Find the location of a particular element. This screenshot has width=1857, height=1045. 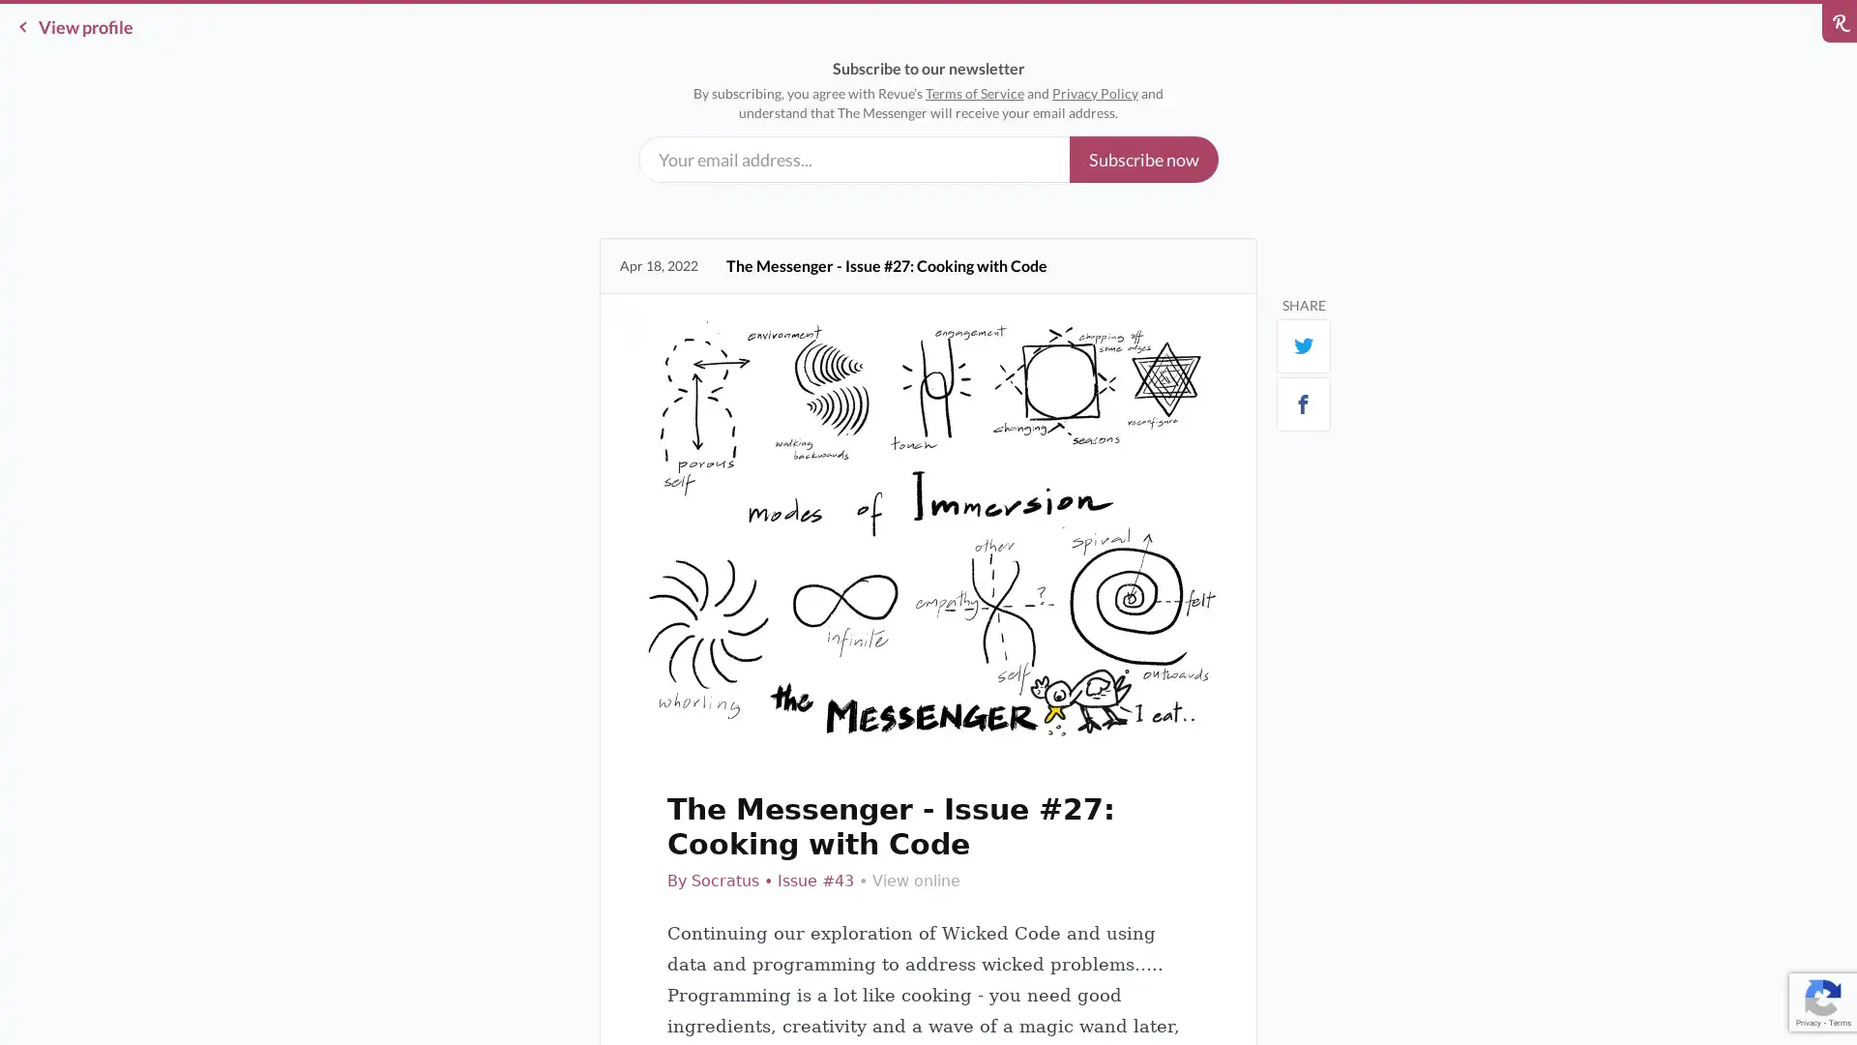

Subscribe now is located at coordinates (1143, 159).